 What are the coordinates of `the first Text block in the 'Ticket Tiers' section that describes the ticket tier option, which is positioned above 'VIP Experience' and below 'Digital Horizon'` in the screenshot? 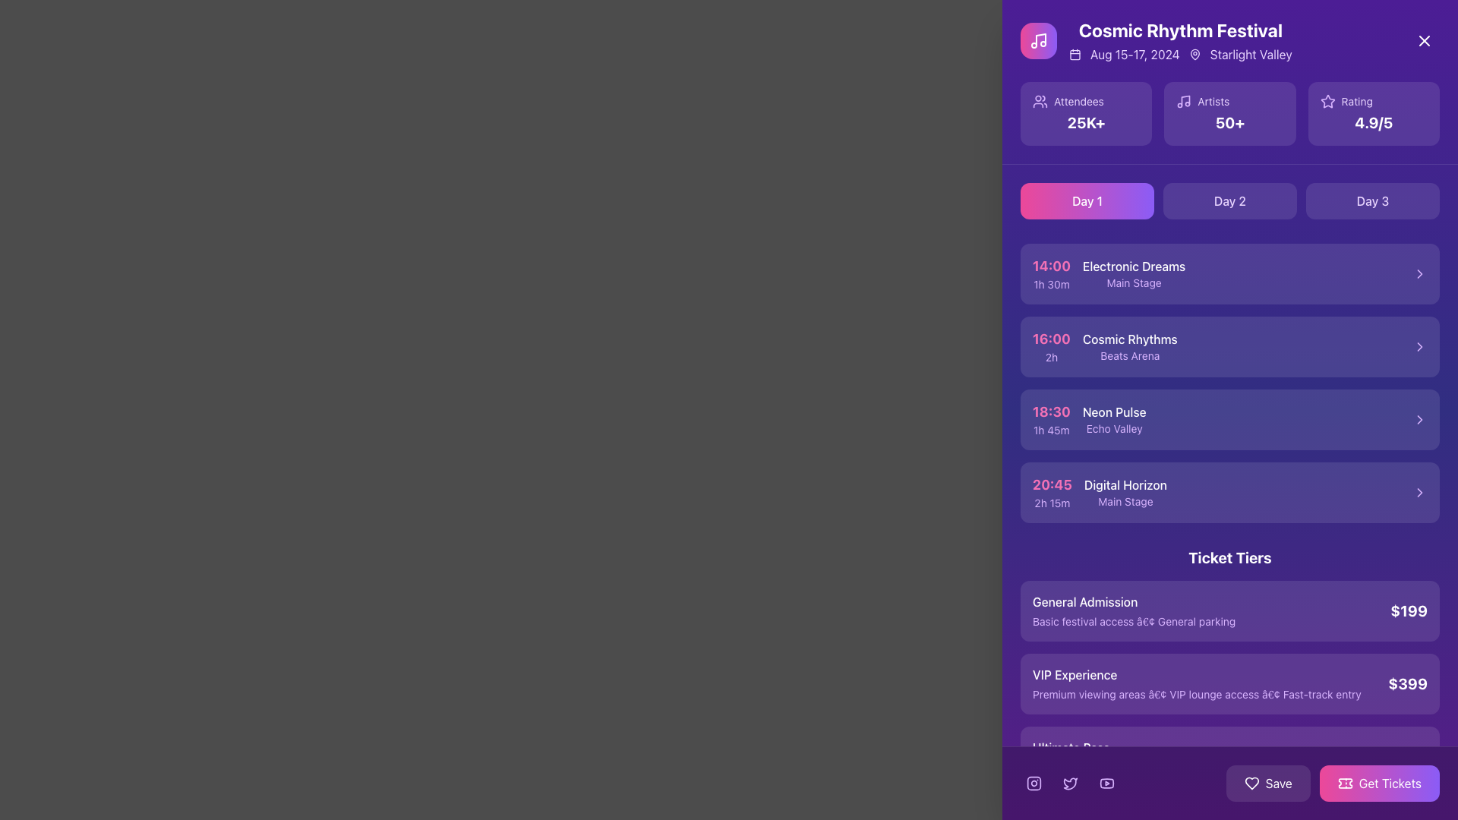 It's located at (1134, 610).